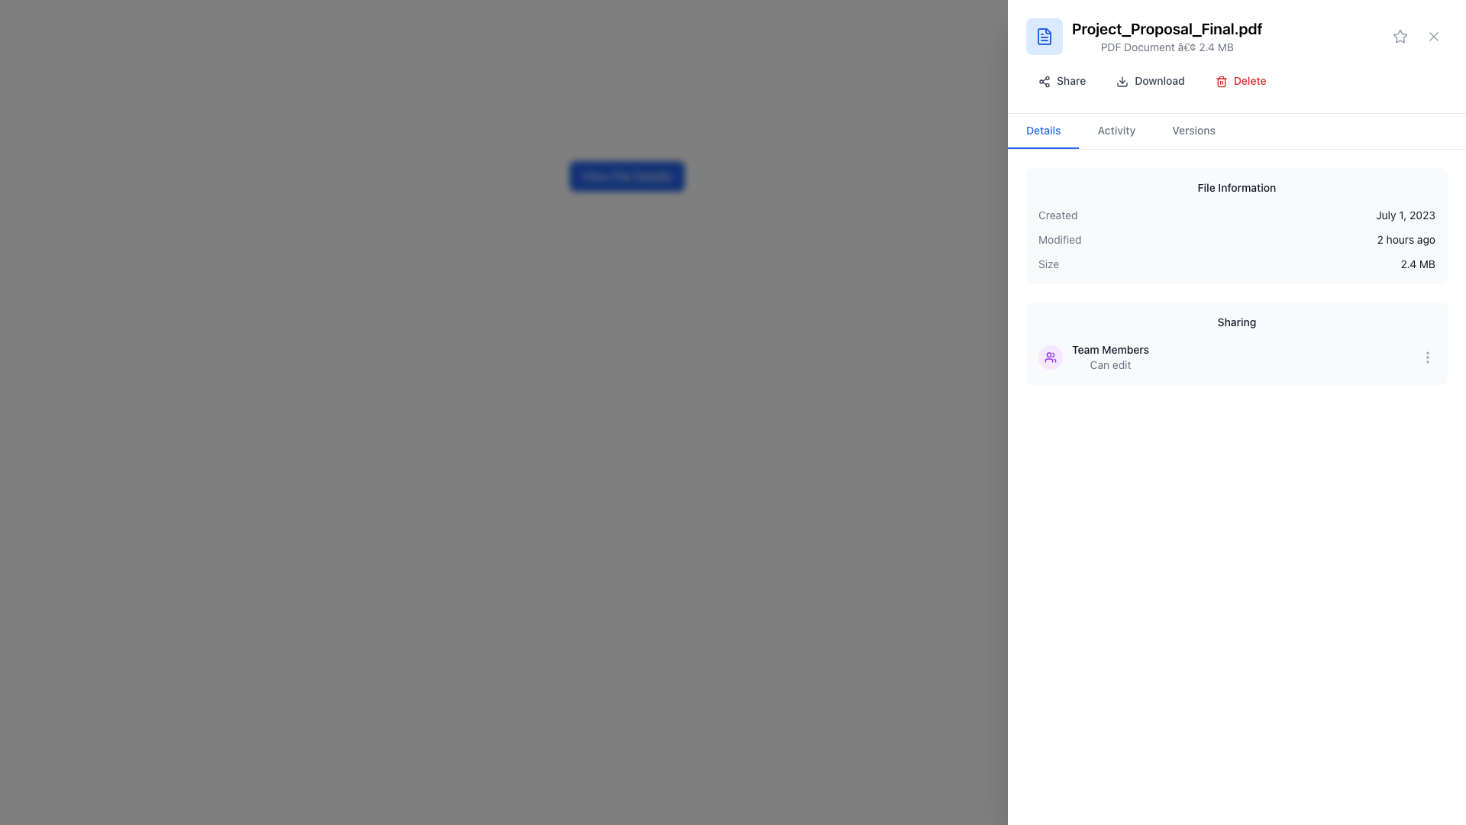 The image size is (1466, 825). Describe the element at coordinates (1050, 357) in the screenshot. I see `the circular icon with a purple background and a user group symbol in the center, located above the text content 'Team Members' and 'Can edit'` at that location.